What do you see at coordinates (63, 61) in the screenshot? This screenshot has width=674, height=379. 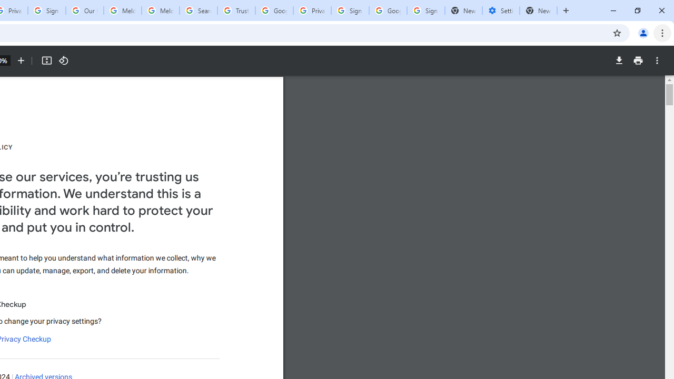 I see `'Rotate counterclockwise'` at bounding box center [63, 61].